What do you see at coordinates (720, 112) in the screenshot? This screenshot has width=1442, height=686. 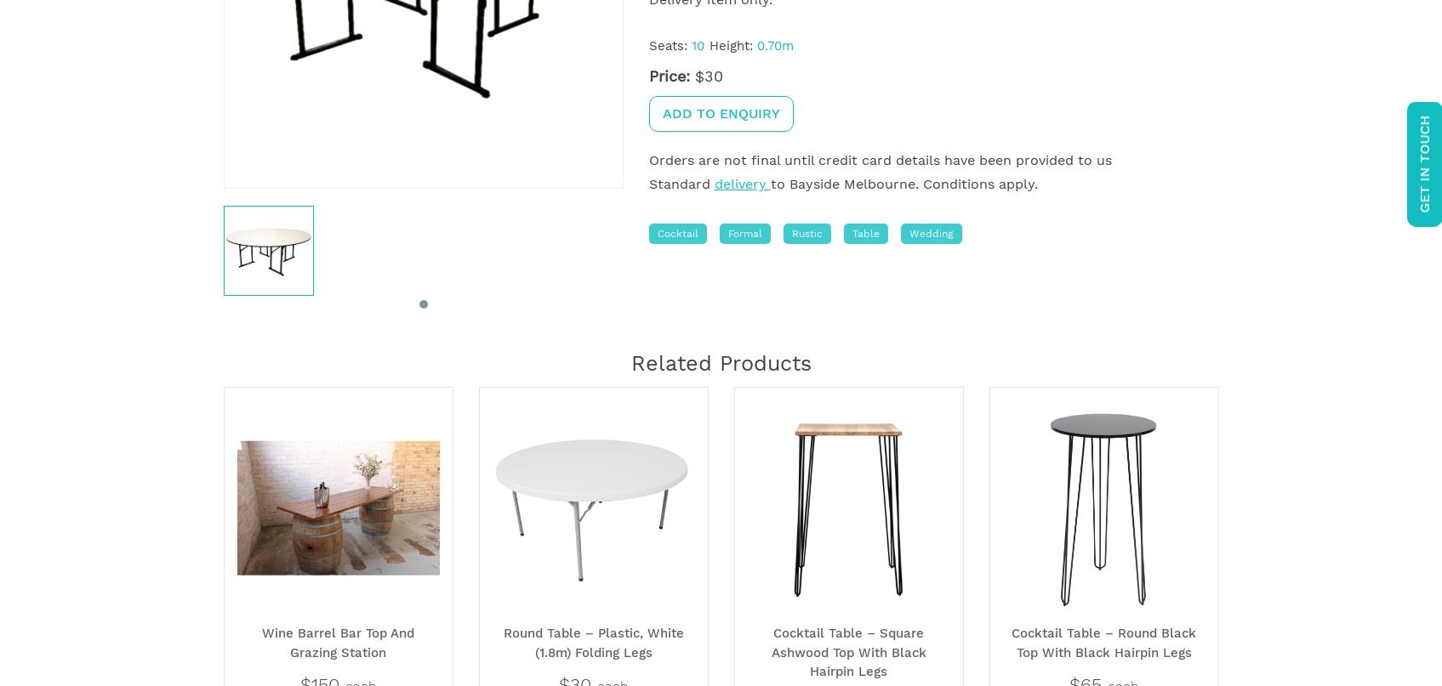 I see `'Add to enquiry'` at bounding box center [720, 112].